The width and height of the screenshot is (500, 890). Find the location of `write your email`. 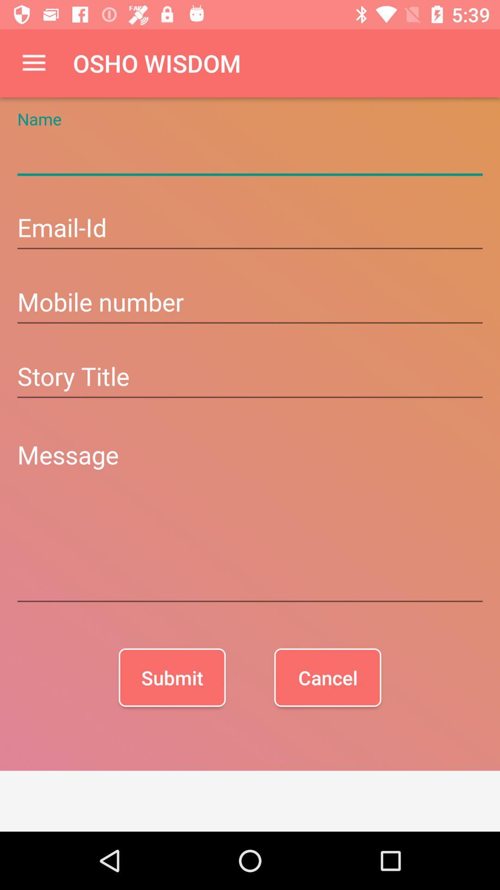

write your email is located at coordinates (250, 229).